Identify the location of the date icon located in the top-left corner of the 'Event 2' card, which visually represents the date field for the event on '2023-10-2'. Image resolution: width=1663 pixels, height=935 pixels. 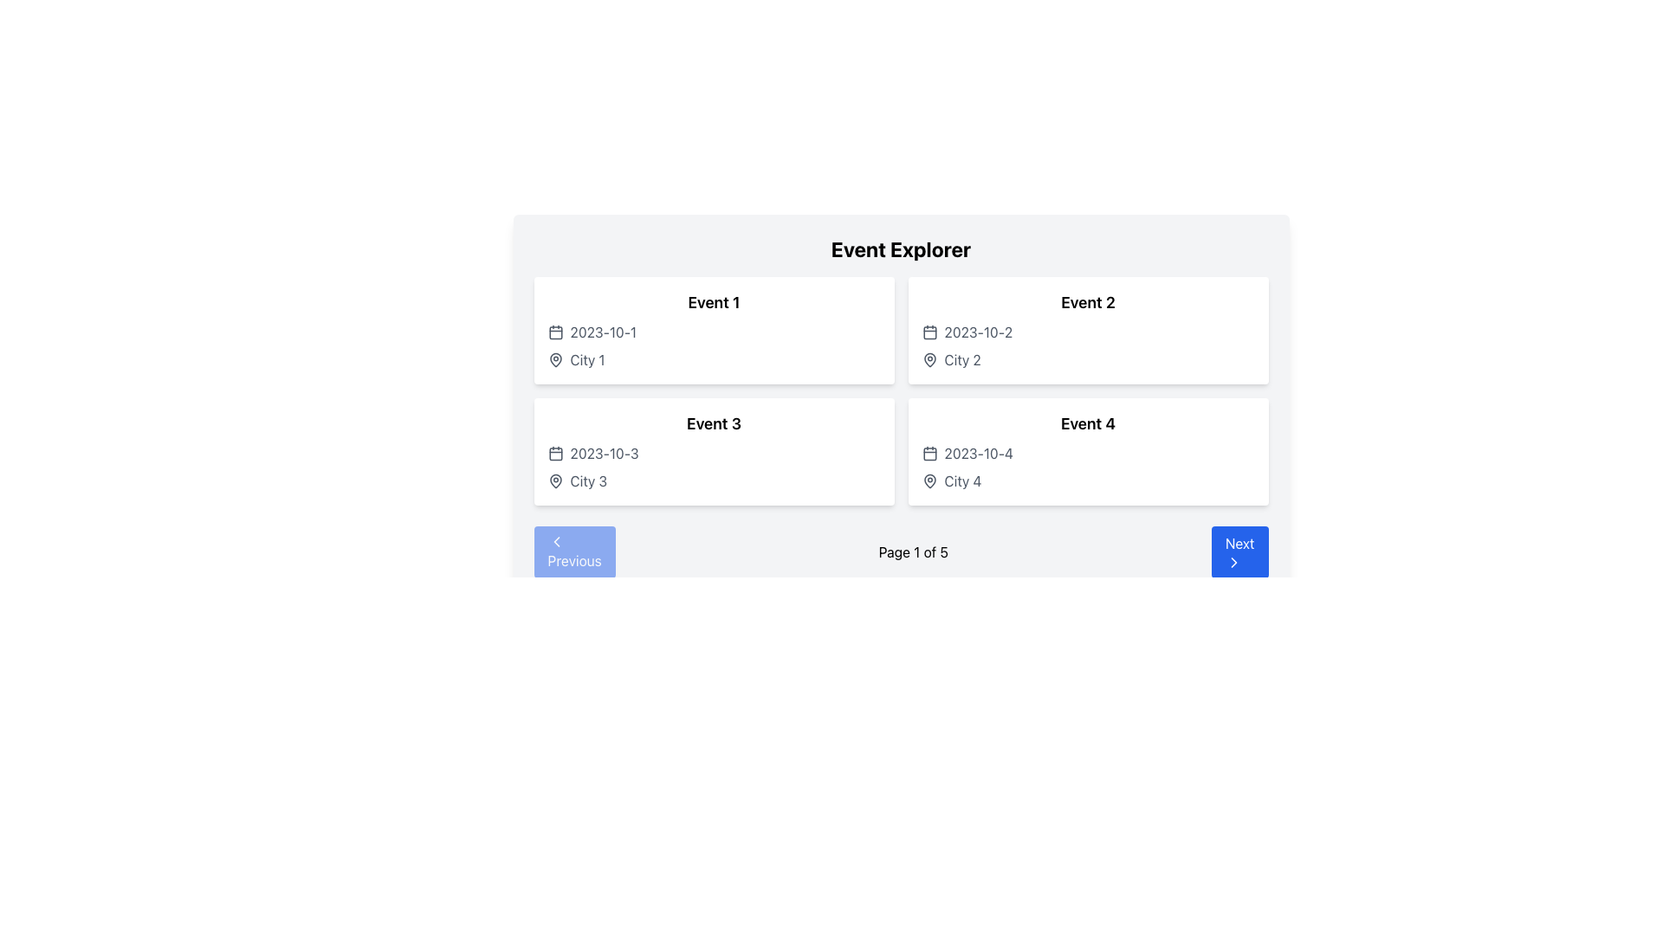
(929, 332).